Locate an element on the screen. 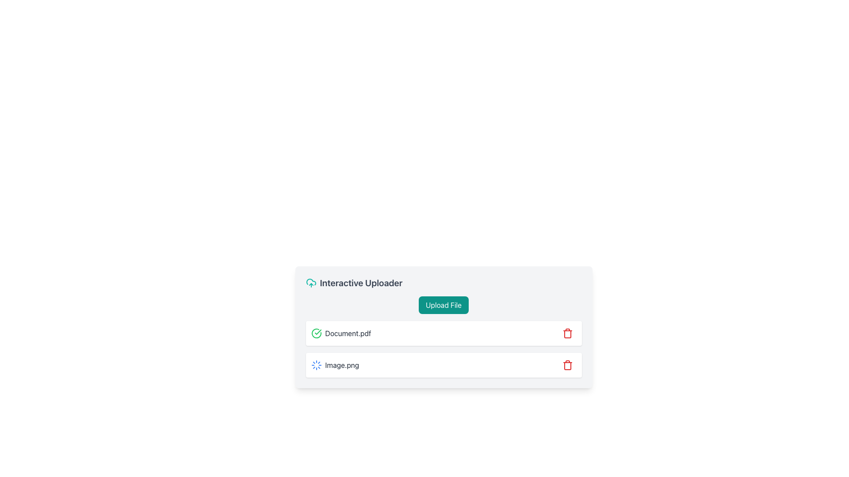  the delete button icon located in the top-right section of the file list interface, adjacent to the right of a file entry to initiate file removal or deletion is located at coordinates (567, 333).